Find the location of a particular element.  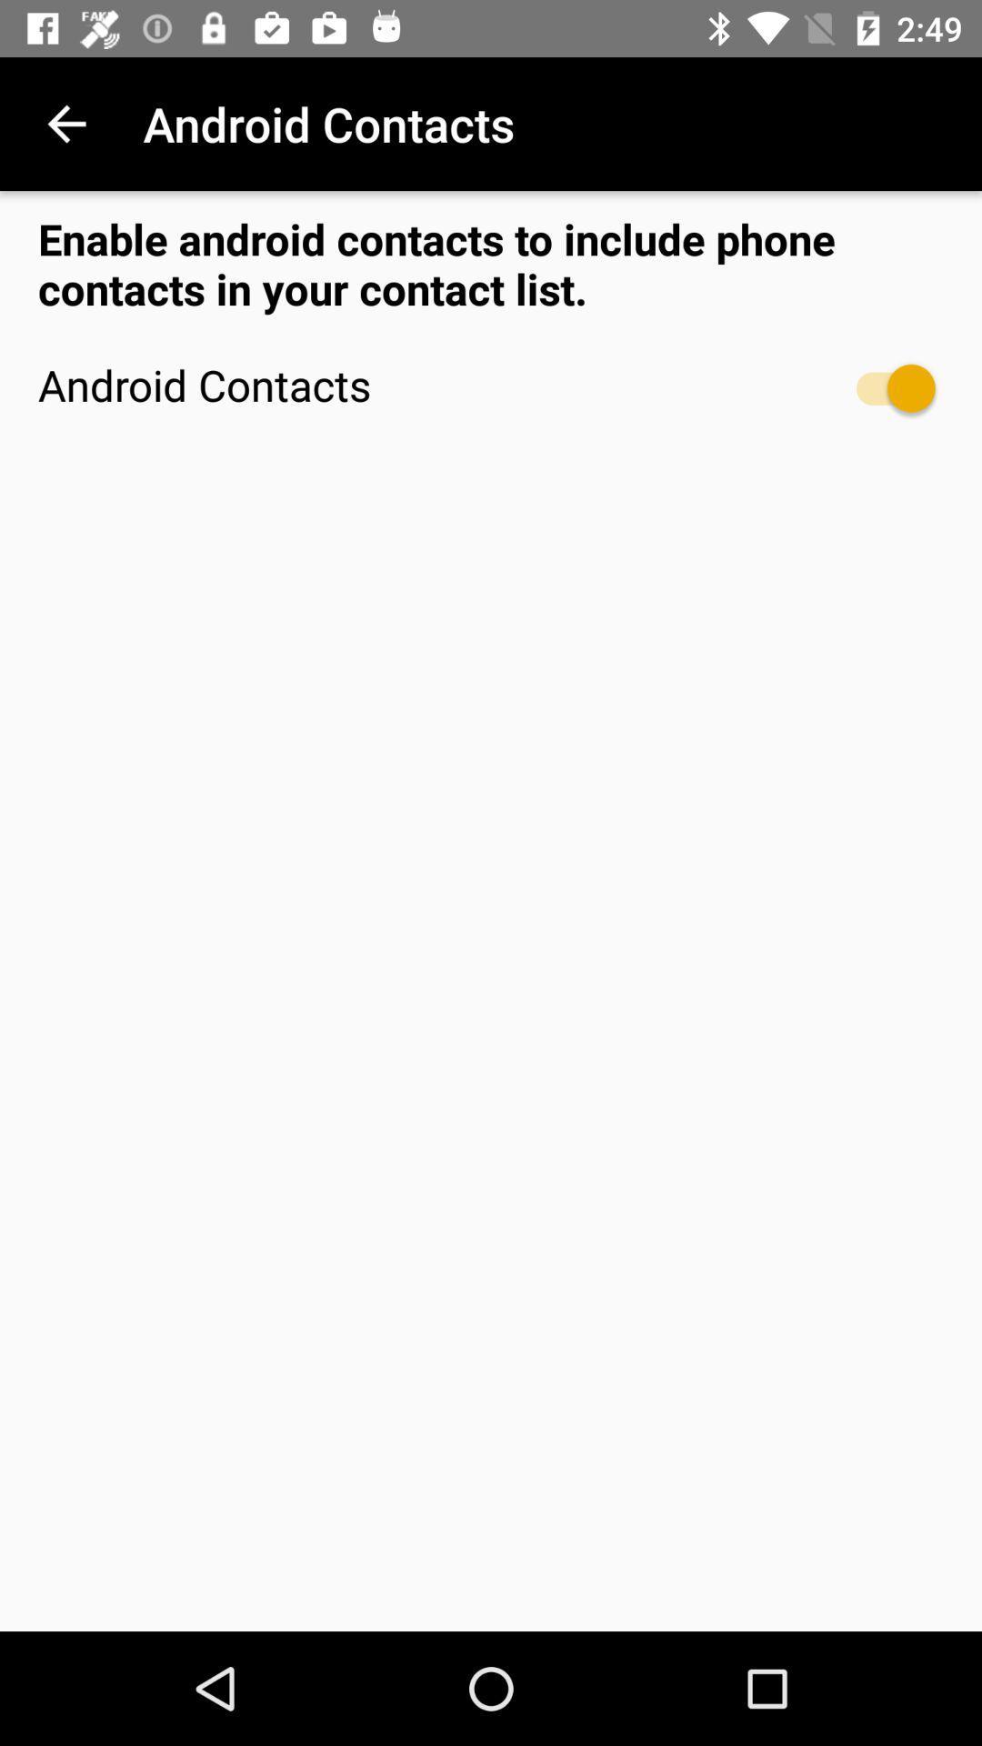

the icon next to the android contacts item is located at coordinates (886, 387).